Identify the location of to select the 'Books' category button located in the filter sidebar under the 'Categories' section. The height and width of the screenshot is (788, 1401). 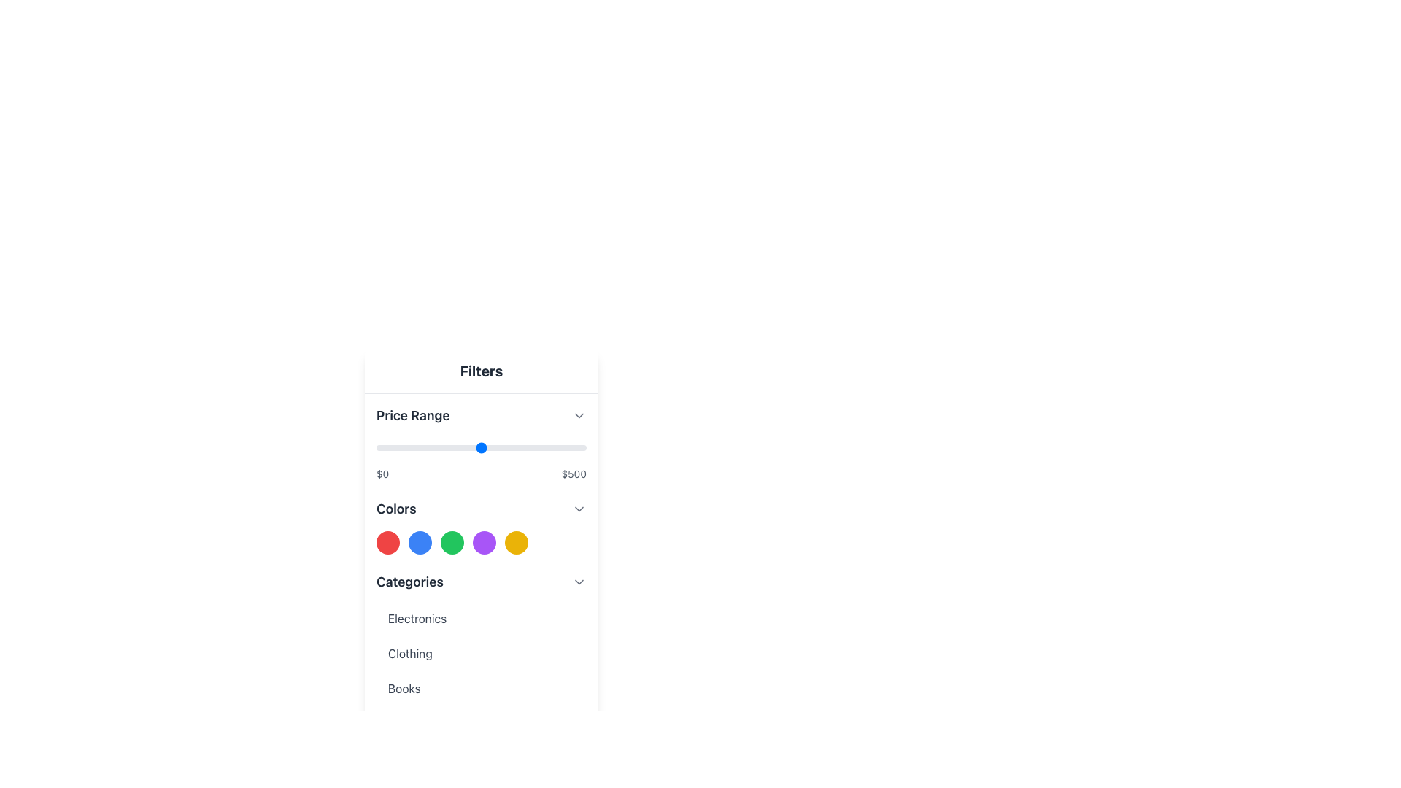
(482, 689).